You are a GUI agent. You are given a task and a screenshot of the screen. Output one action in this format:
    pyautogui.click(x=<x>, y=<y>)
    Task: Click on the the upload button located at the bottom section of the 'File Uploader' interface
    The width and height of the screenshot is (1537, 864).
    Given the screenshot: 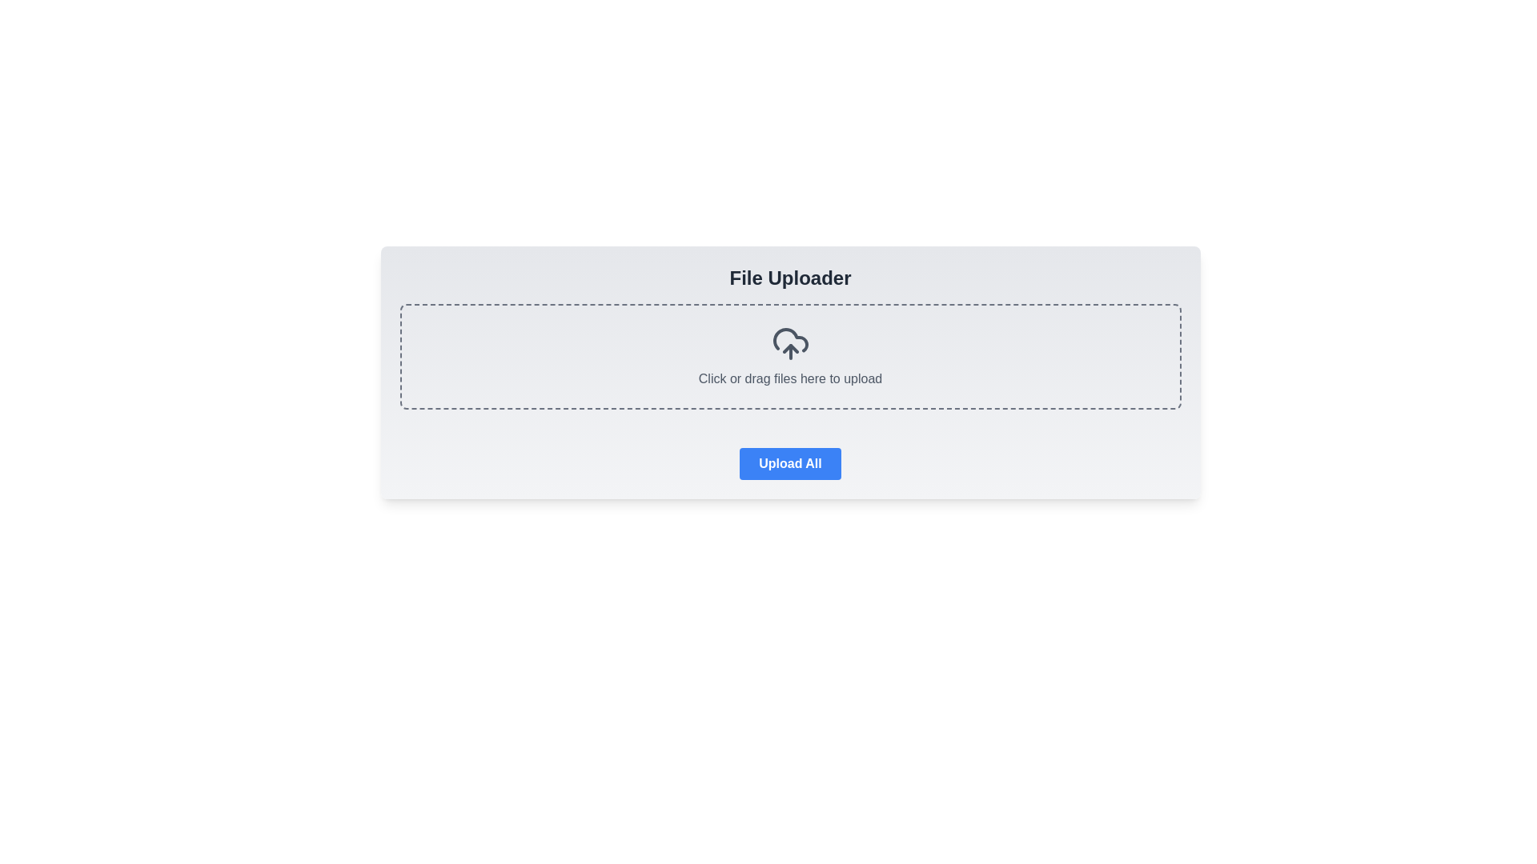 What is the action you would take?
    pyautogui.click(x=790, y=457)
    